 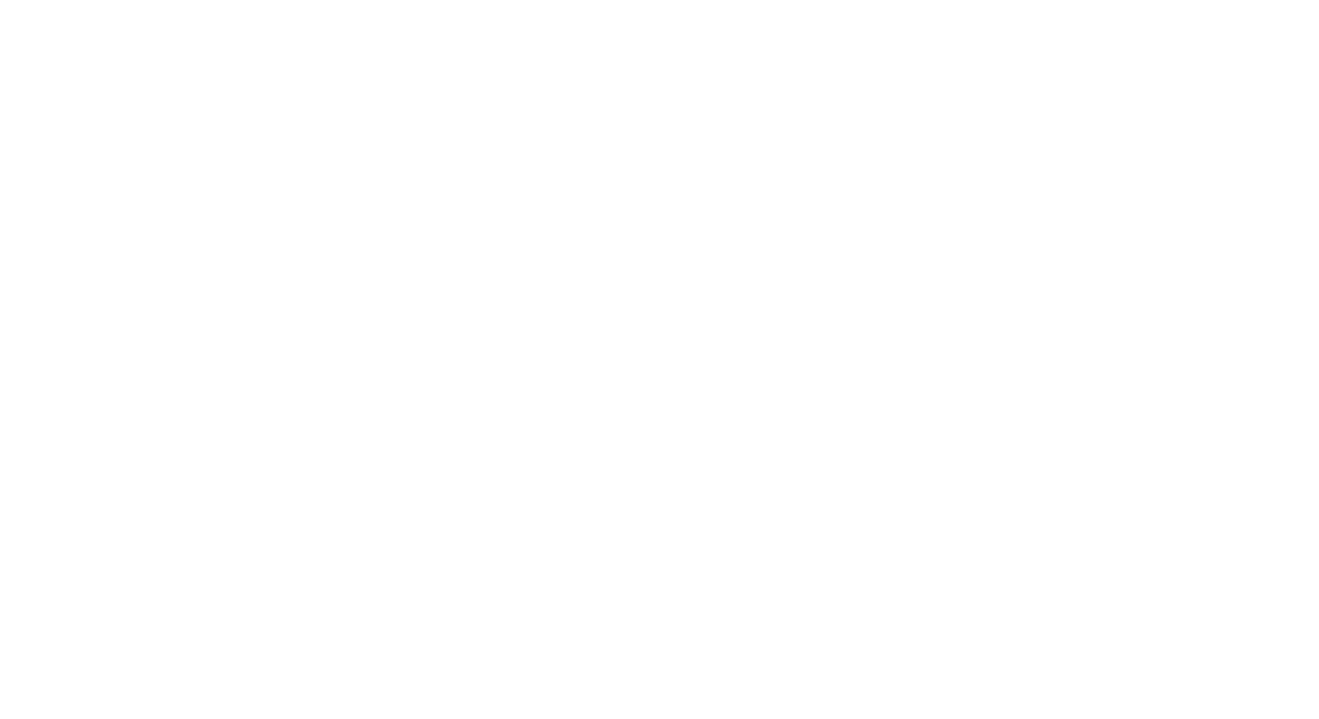 What do you see at coordinates (493, 134) in the screenshot?
I see `'–          Sugary and fatty foods can make you feel more tired, try to limit these during shifts.'` at bounding box center [493, 134].